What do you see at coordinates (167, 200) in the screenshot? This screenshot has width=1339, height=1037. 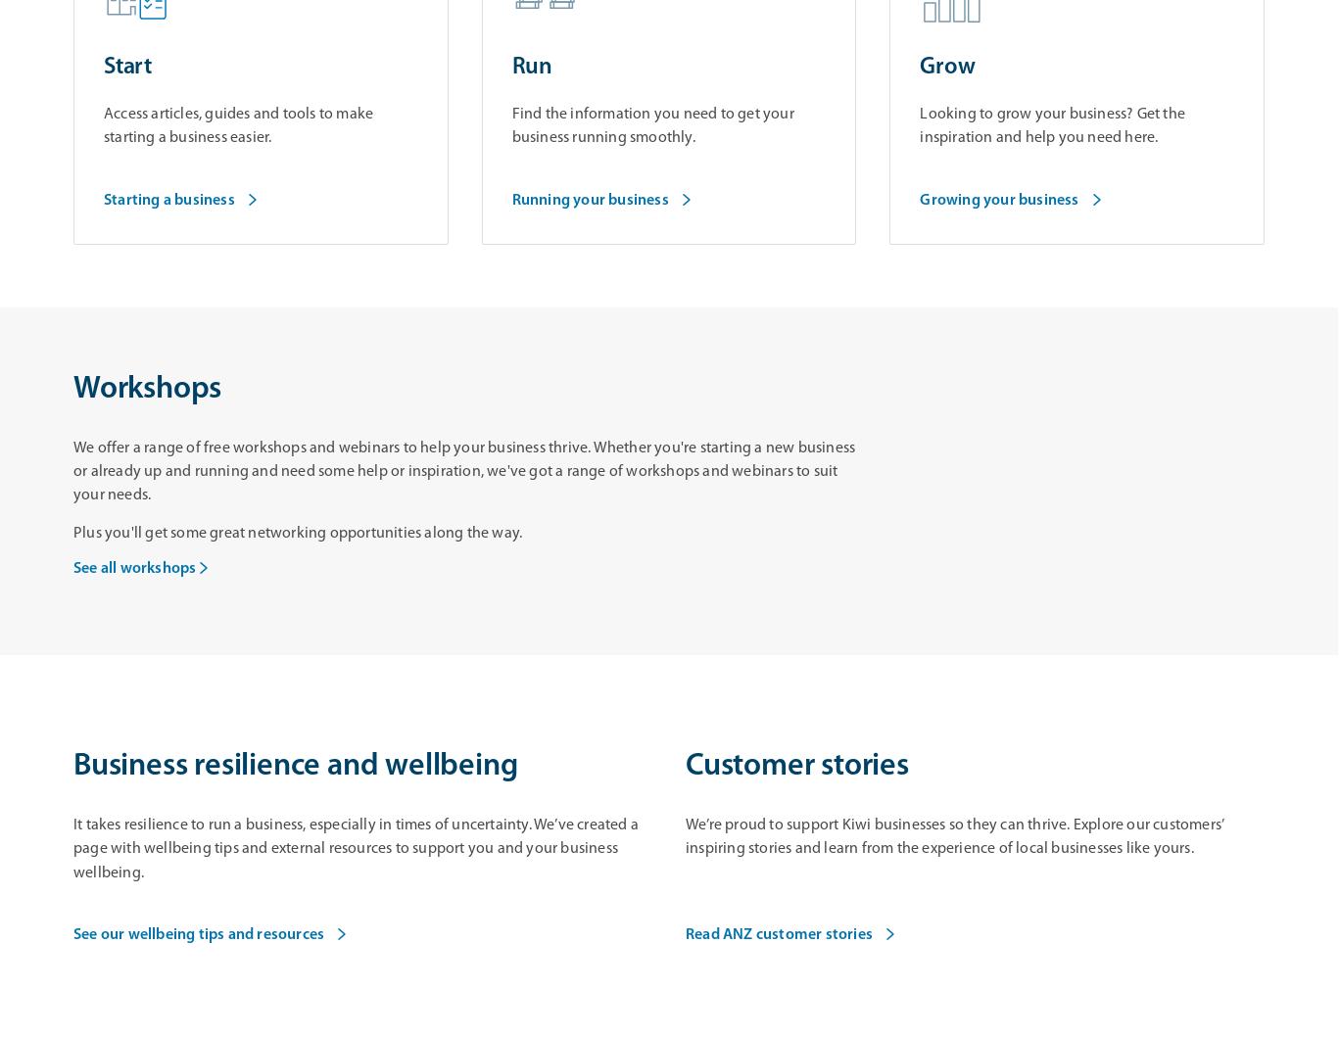 I see `'Starting a business'` at bounding box center [167, 200].